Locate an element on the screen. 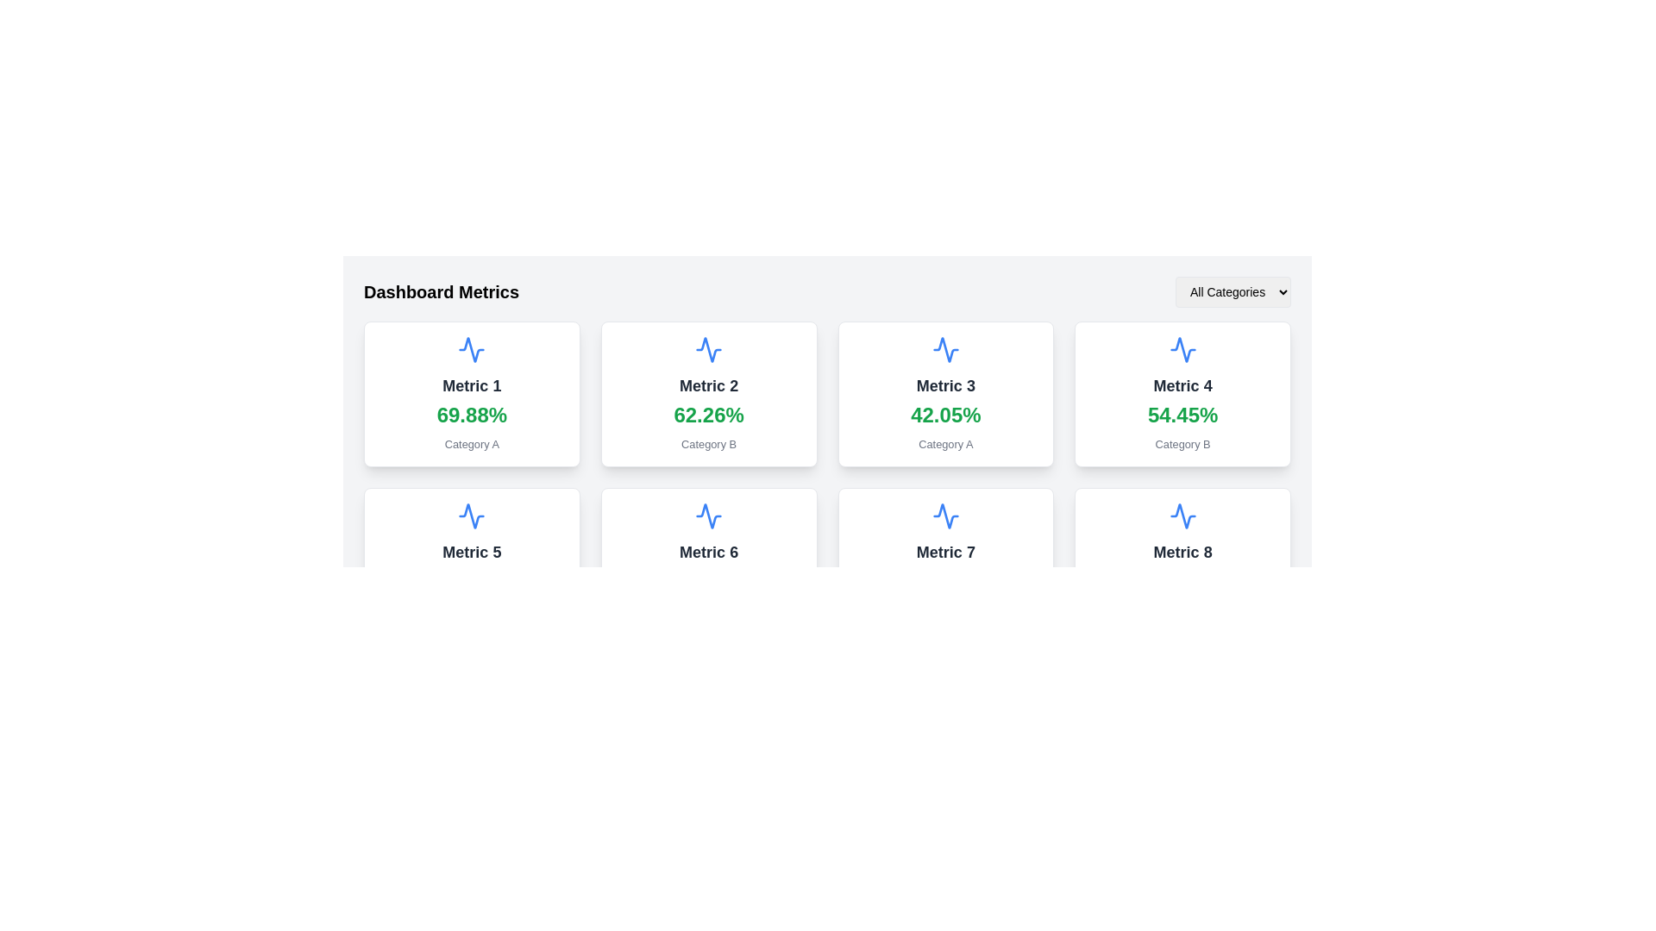  the decorative icon located in the center of the card labeled 'Metric 5' in the second row of the dashboard's grid layout is located at coordinates (472, 515).